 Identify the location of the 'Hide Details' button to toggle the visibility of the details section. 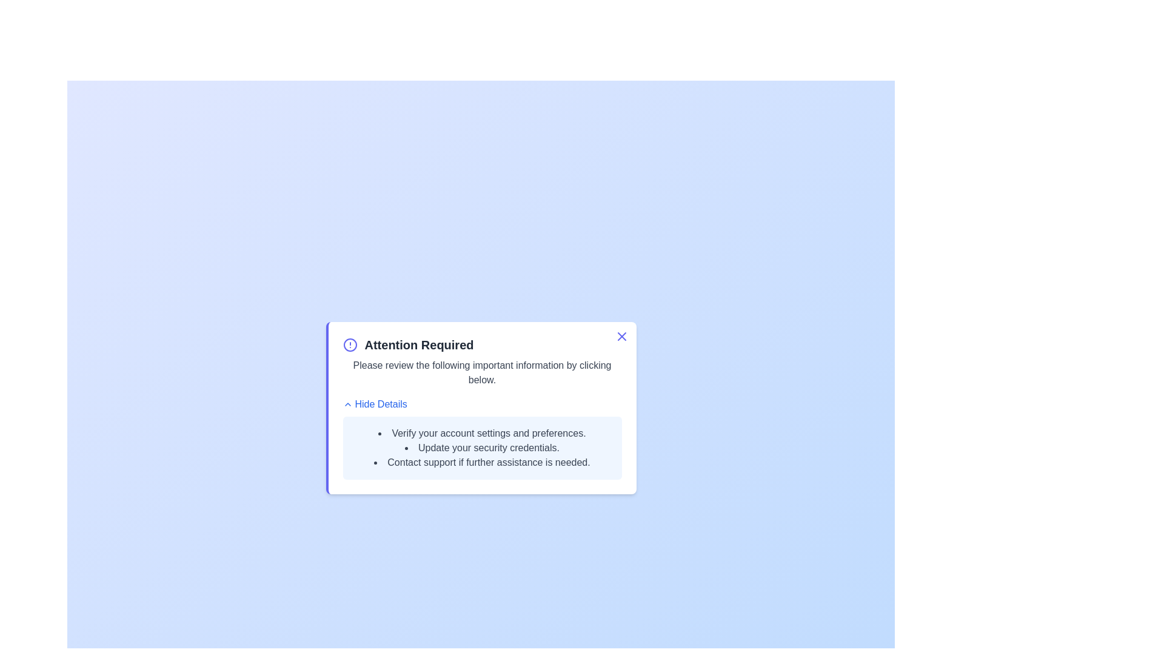
(374, 405).